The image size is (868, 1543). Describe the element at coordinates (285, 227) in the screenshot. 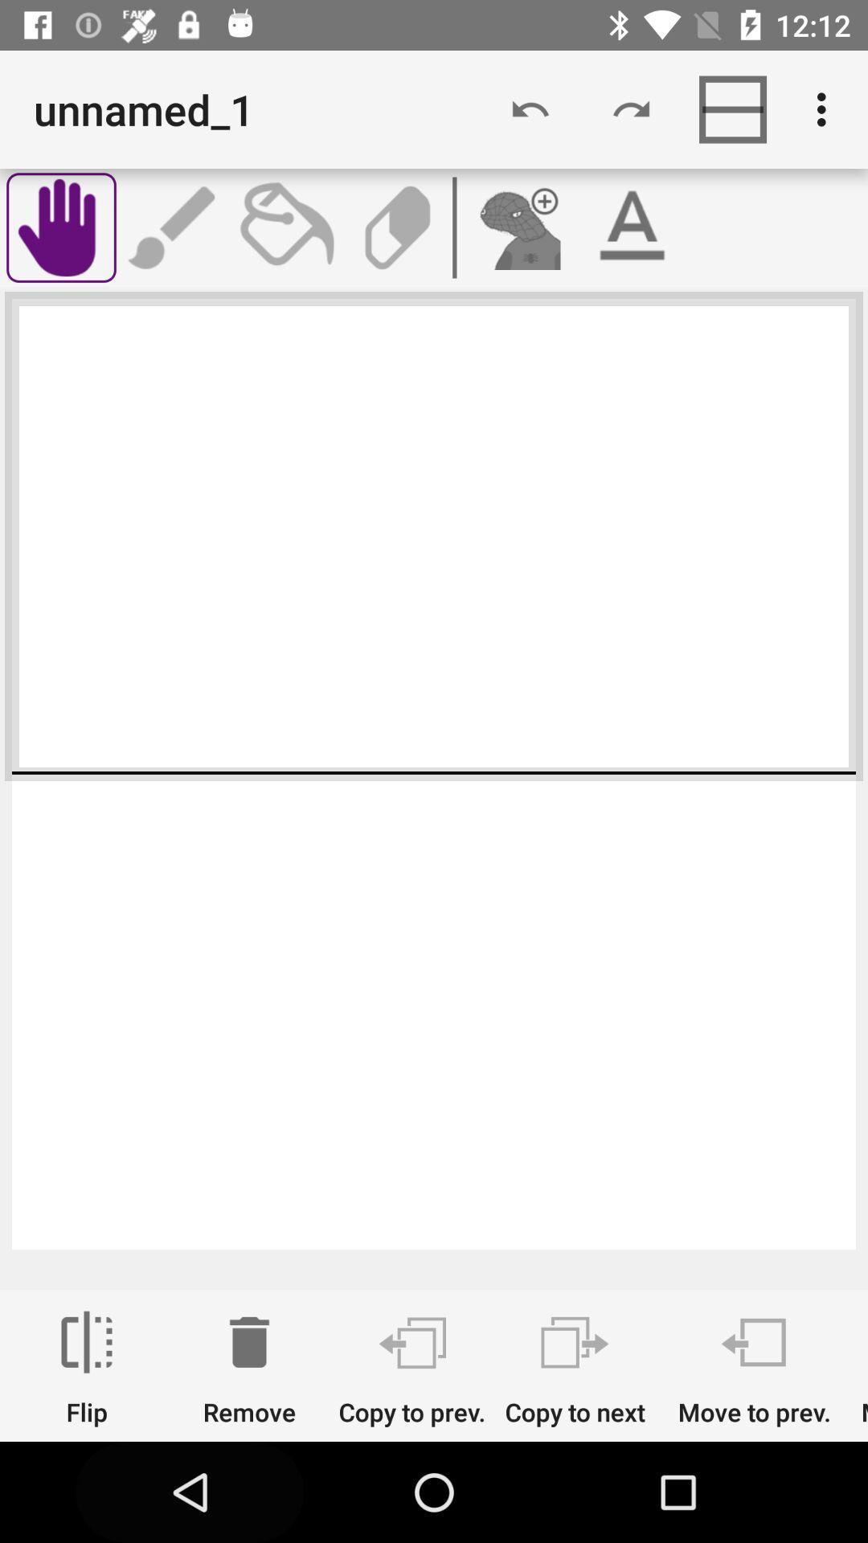

I see `paint` at that location.